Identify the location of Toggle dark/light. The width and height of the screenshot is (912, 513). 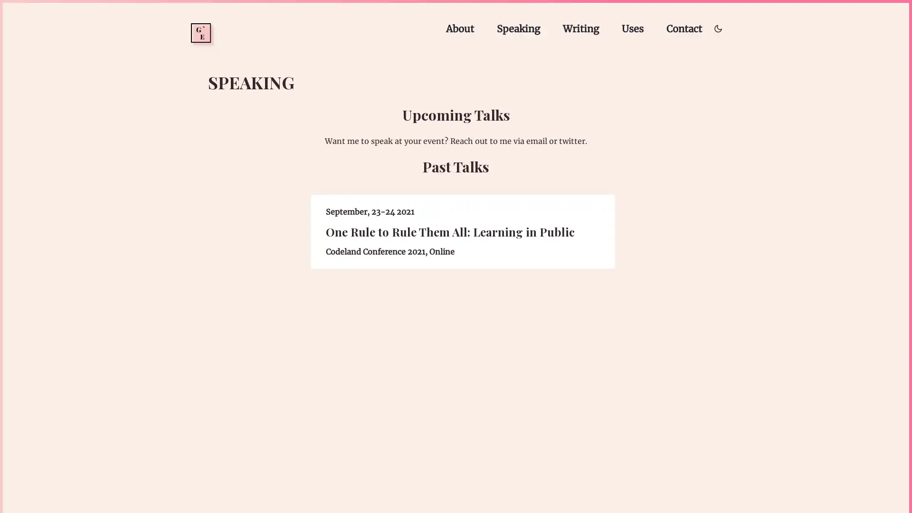
(718, 27).